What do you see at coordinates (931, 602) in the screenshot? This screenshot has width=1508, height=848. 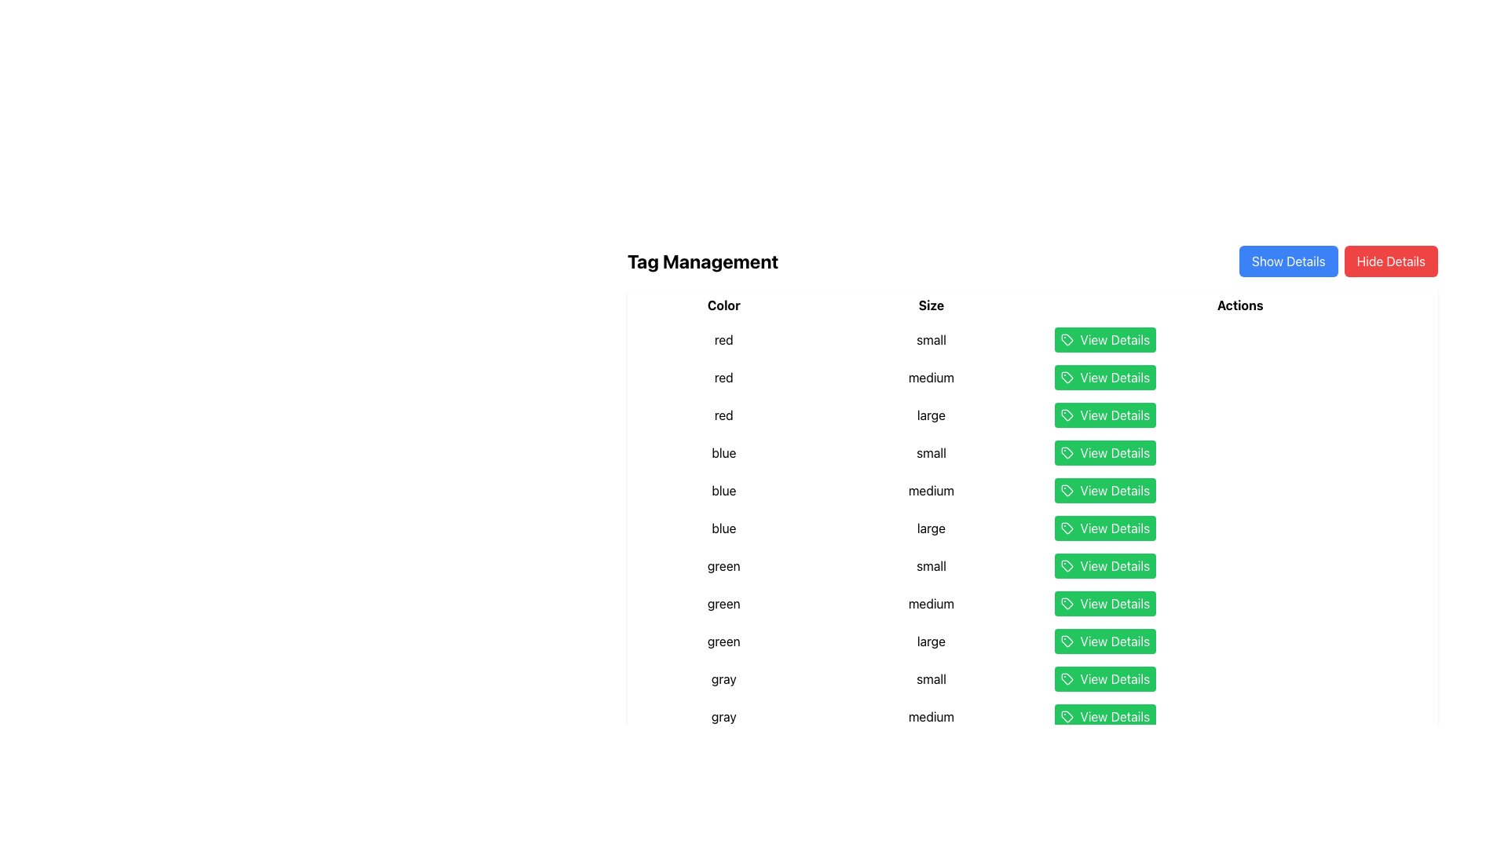 I see `the Text label indicating the size attribute 'medium' associated with the color 'green' in the table, located in the middle column of the row` at bounding box center [931, 602].